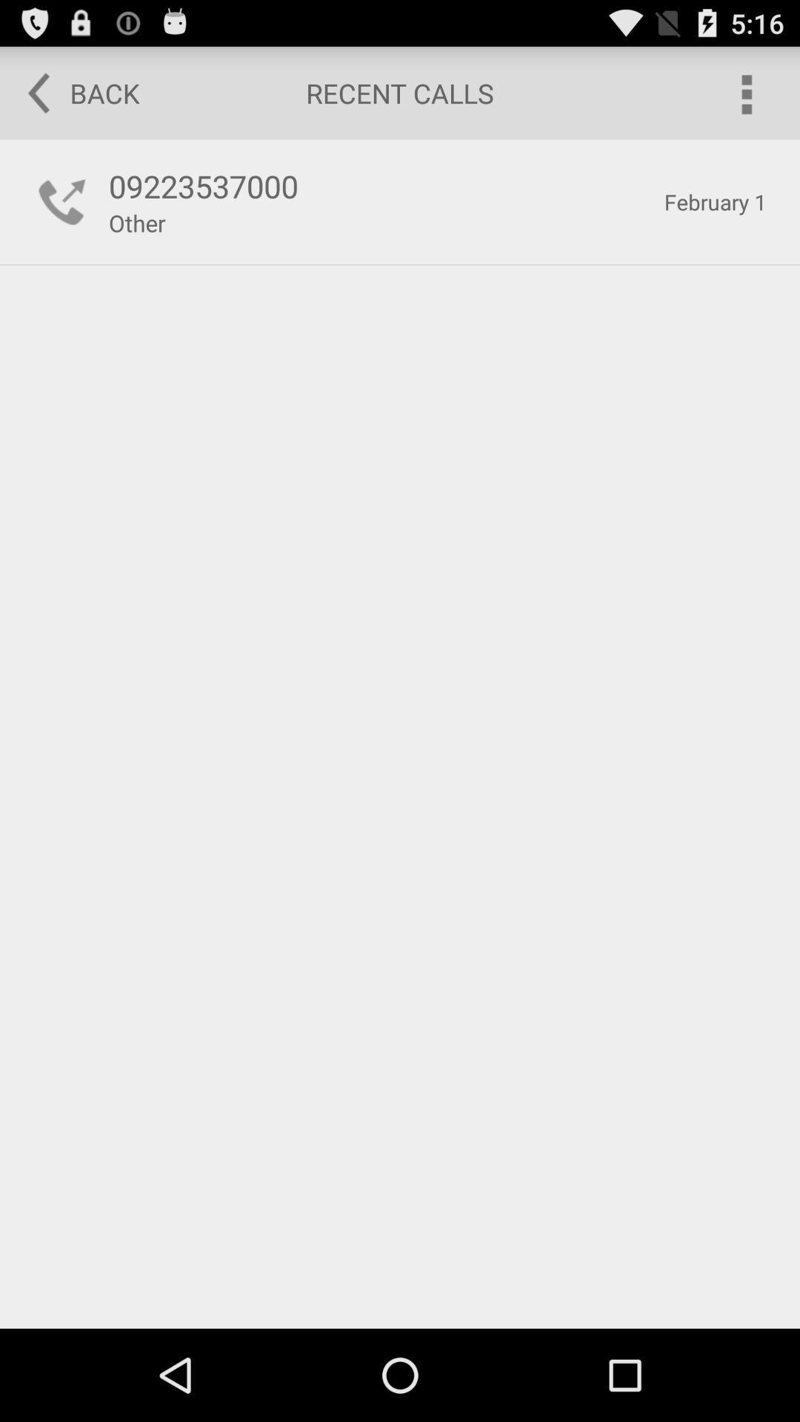 Image resolution: width=800 pixels, height=1422 pixels. What do you see at coordinates (745, 92) in the screenshot?
I see `icon above the february 1 app` at bounding box center [745, 92].